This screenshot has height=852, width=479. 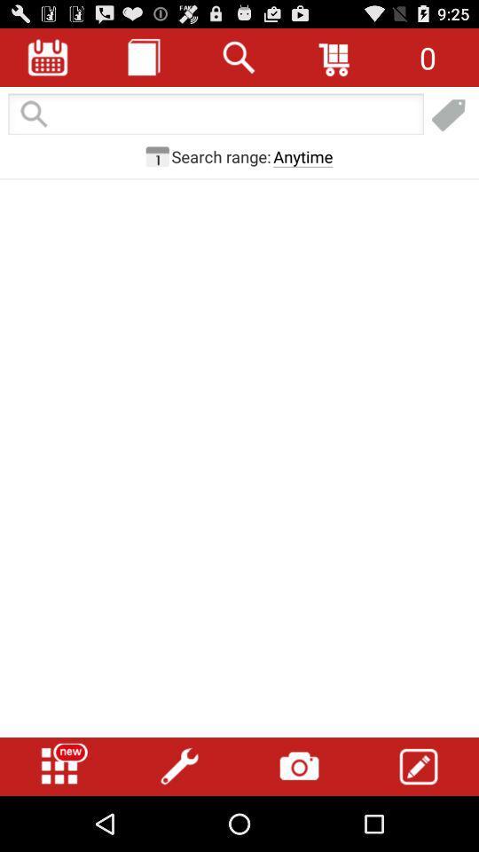 I want to click on calendar, so click(x=48, y=57).